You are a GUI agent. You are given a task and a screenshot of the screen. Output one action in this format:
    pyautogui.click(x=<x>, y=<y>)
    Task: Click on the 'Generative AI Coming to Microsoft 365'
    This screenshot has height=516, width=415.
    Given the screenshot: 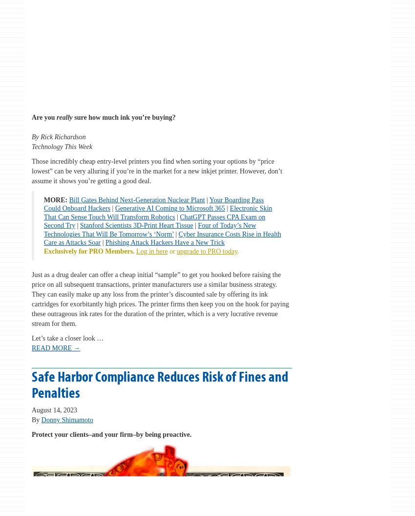 What is the action you would take?
    pyautogui.click(x=169, y=208)
    